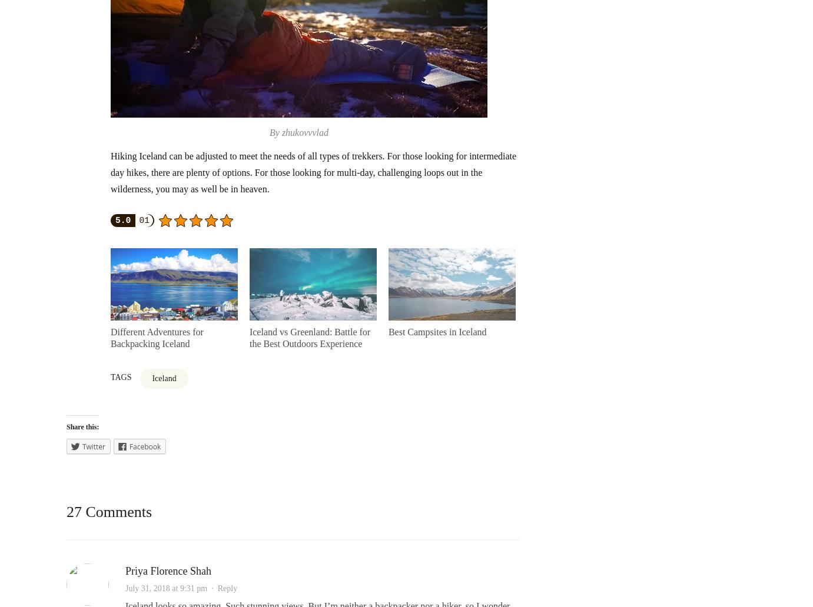 The width and height of the screenshot is (813, 607). Describe the element at coordinates (120, 377) in the screenshot. I see `'Tags'` at that location.